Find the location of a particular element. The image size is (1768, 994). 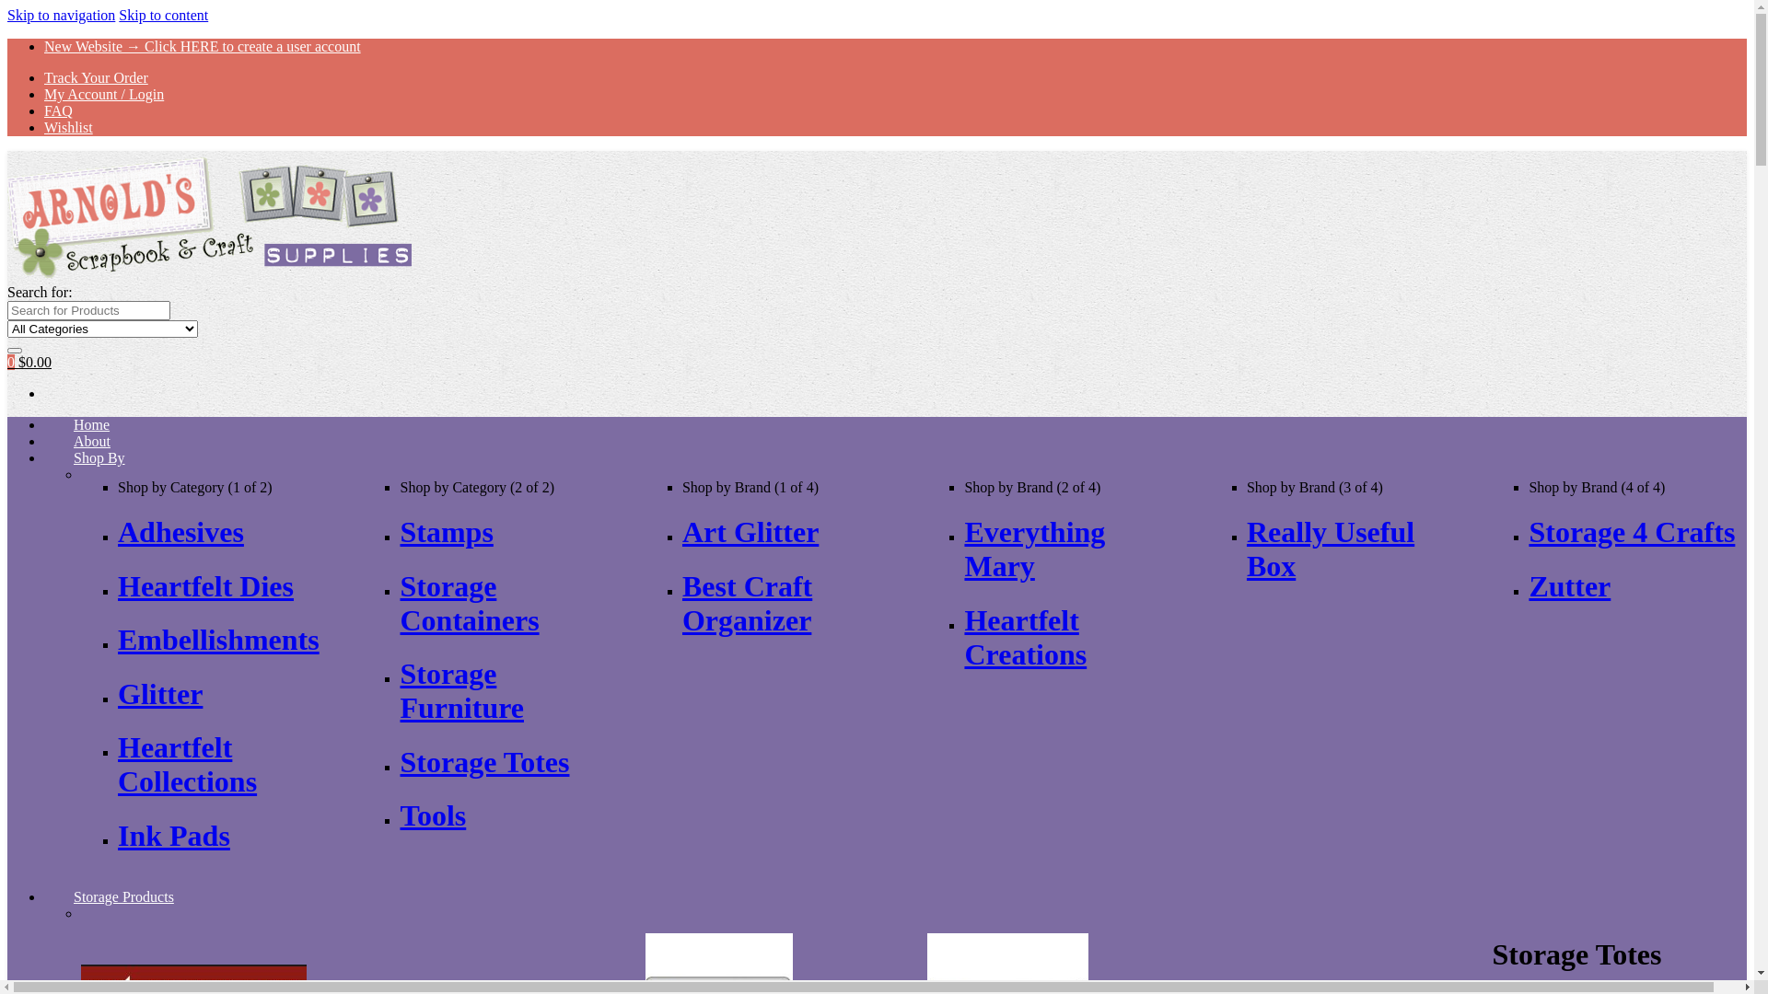

'Embellishments' is located at coordinates (218, 638).